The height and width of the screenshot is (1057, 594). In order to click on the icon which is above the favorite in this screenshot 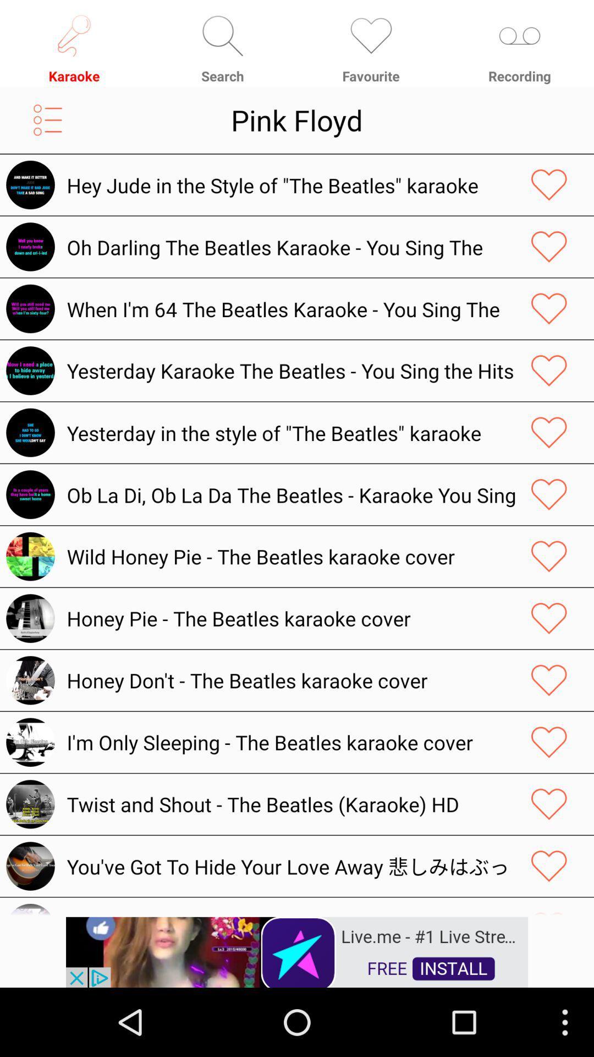, I will do `click(371, 36)`.